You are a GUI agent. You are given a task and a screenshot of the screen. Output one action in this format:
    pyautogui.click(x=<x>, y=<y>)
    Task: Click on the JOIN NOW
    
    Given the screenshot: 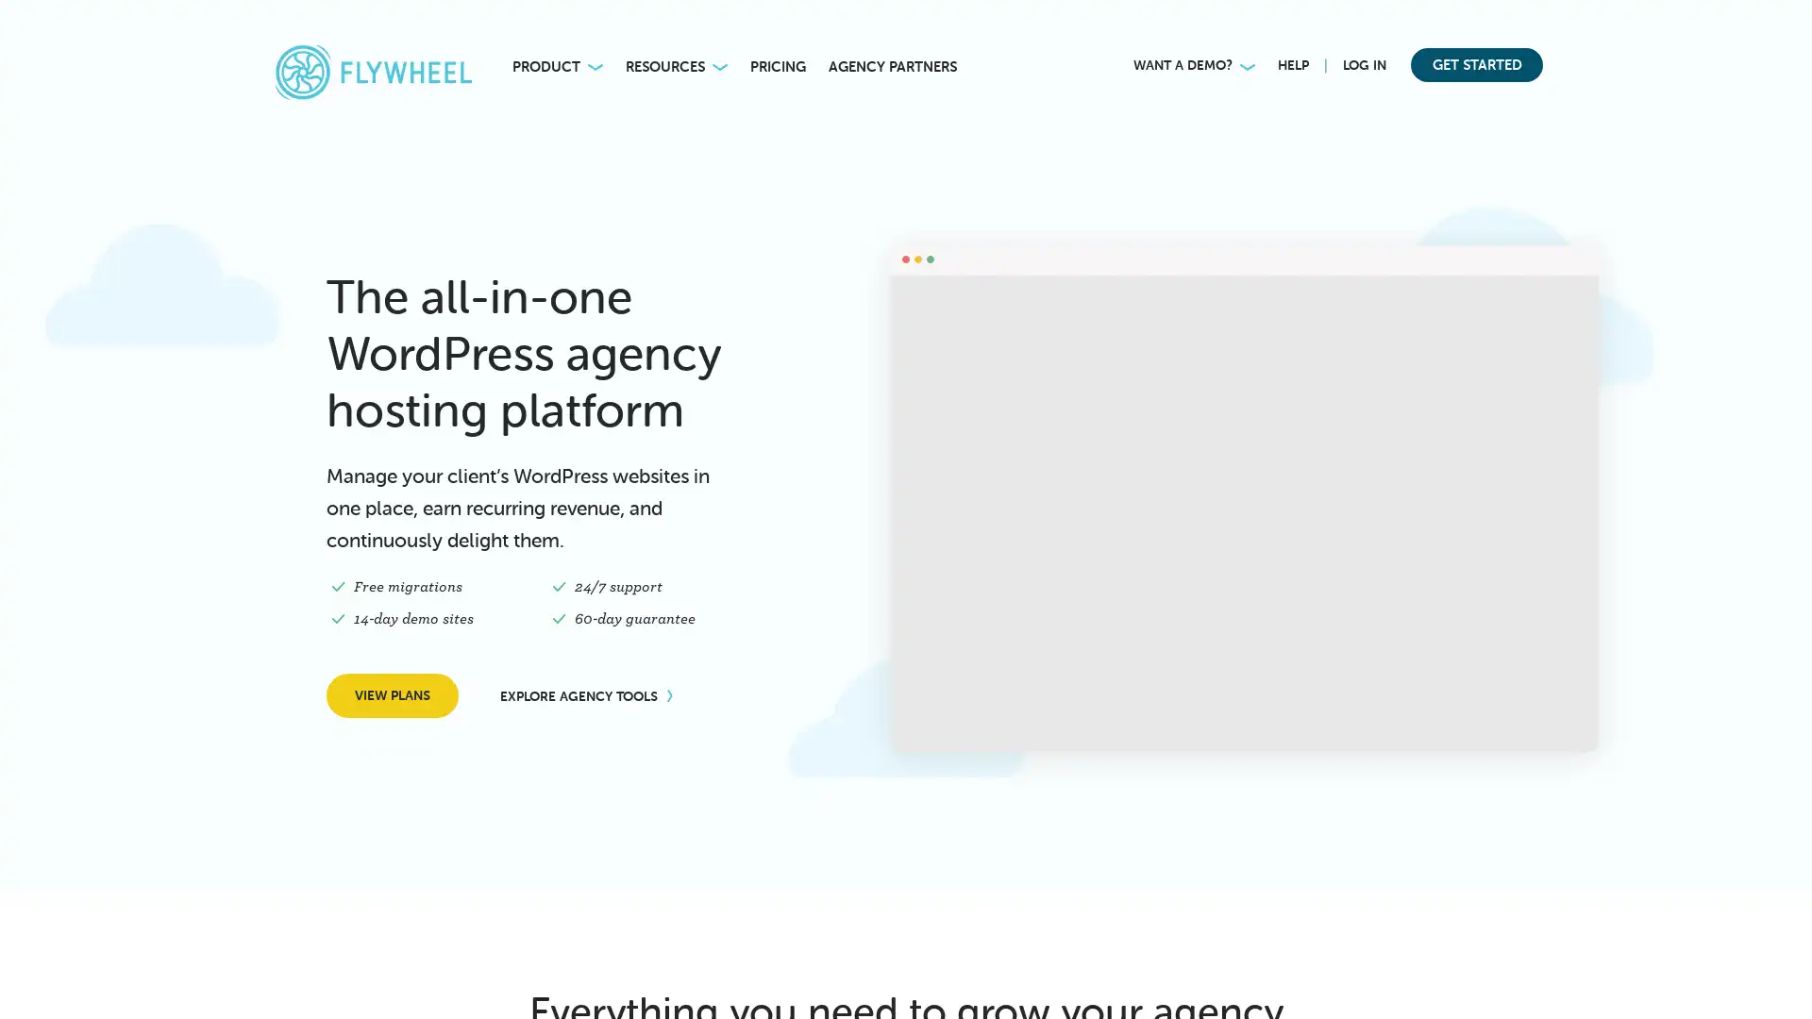 What is the action you would take?
    pyautogui.click(x=1270, y=36)
    